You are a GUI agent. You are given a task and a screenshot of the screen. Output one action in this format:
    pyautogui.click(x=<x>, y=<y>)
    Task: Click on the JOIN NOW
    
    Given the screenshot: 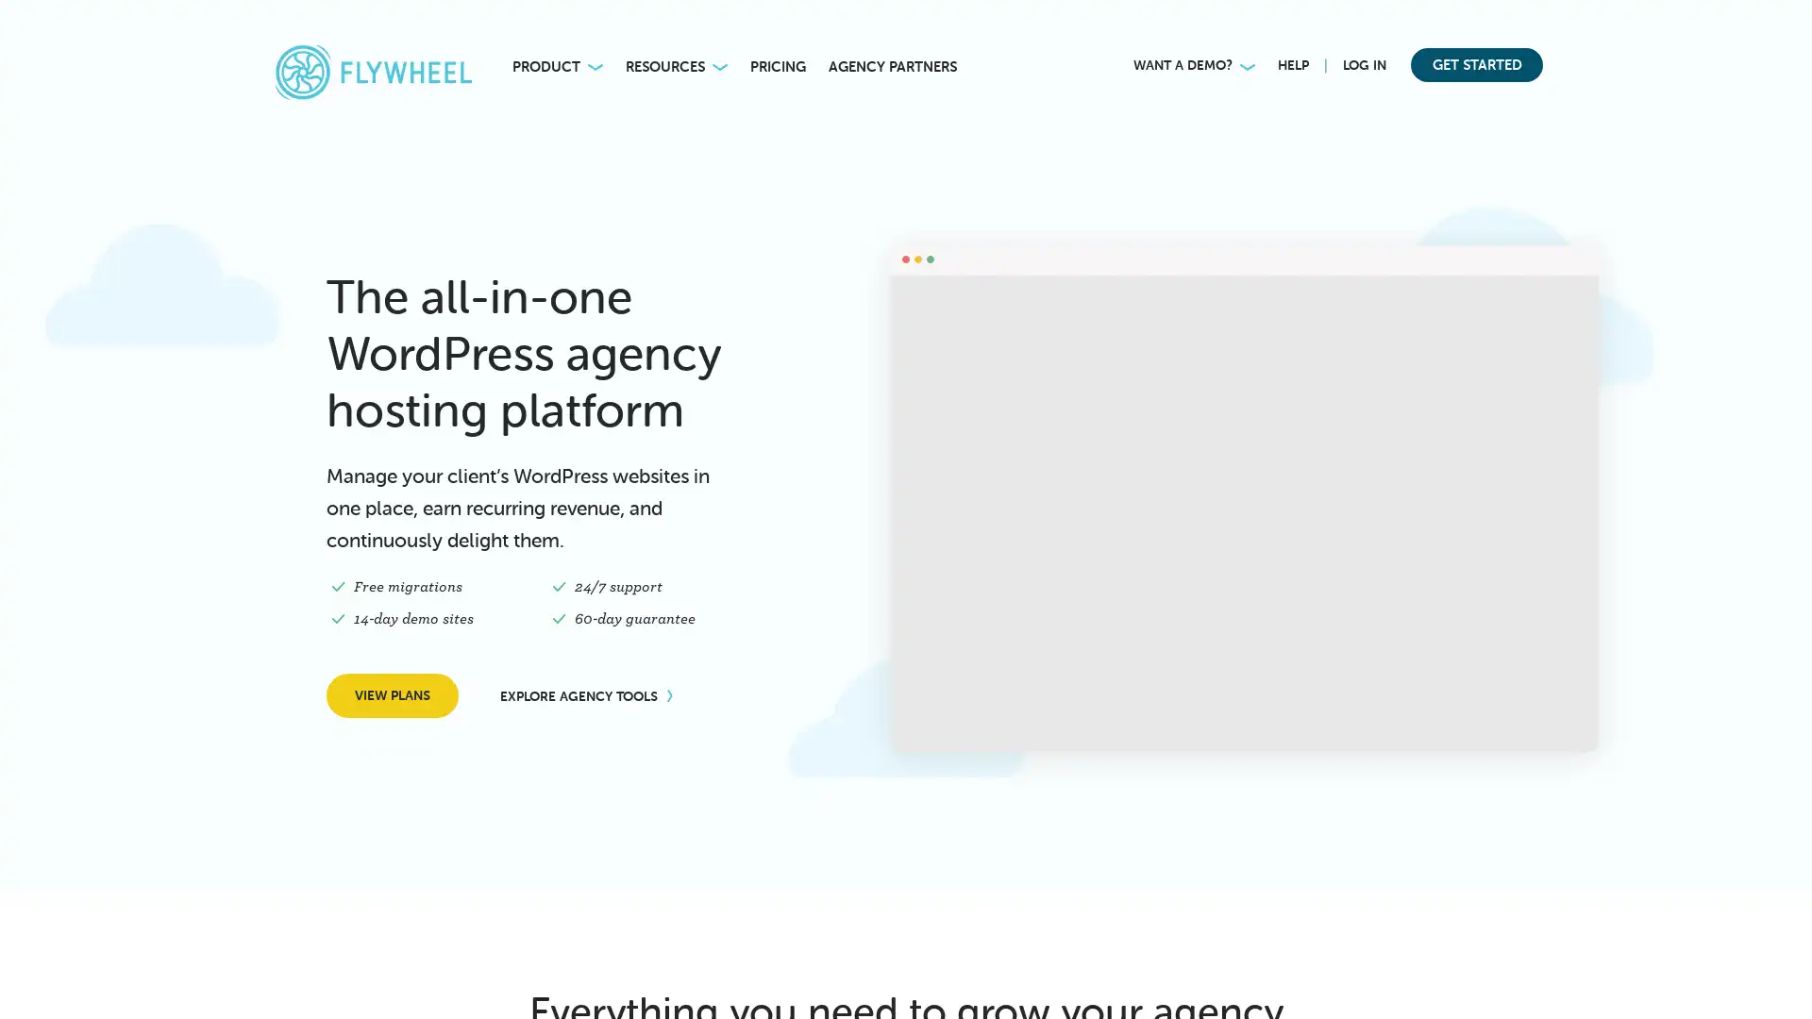 What is the action you would take?
    pyautogui.click(x=1270, y=36)
    